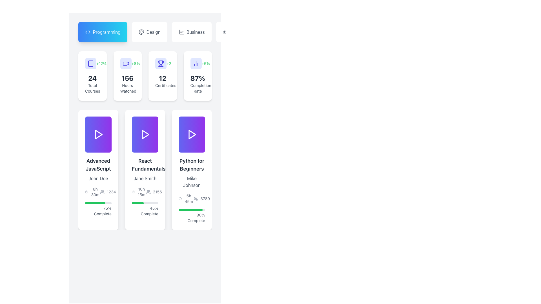  I want to click on the progress bar located below the 'Python for Beginners' text and above the '90% Complete' label, which is styled as a rounded rectangular bar with a gray background and a green filled portion, so click(192, 210).